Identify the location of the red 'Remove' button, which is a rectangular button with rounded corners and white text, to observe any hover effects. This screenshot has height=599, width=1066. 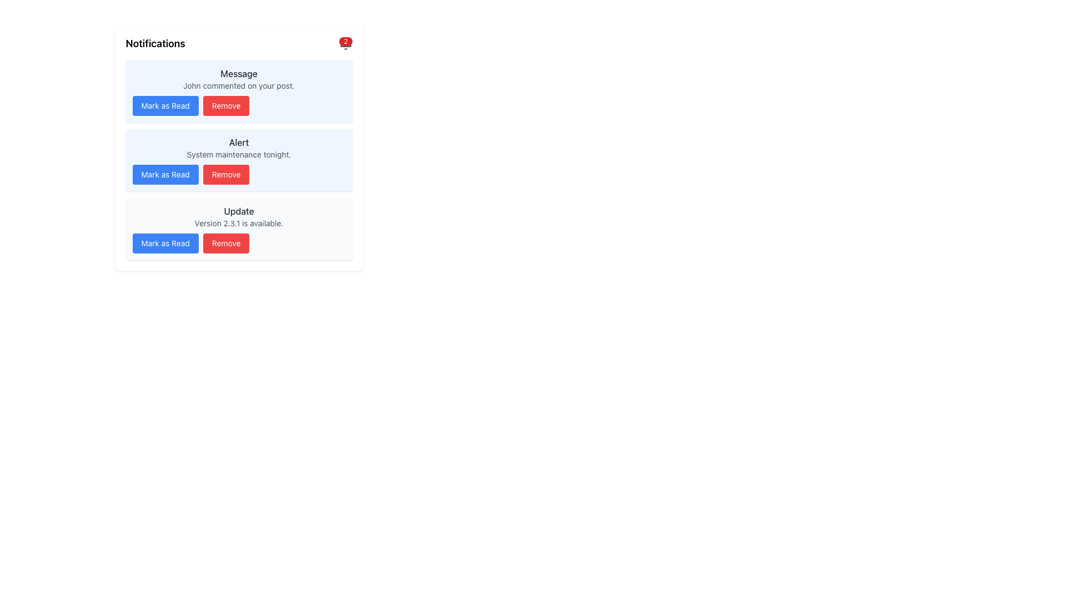
(225, 243).